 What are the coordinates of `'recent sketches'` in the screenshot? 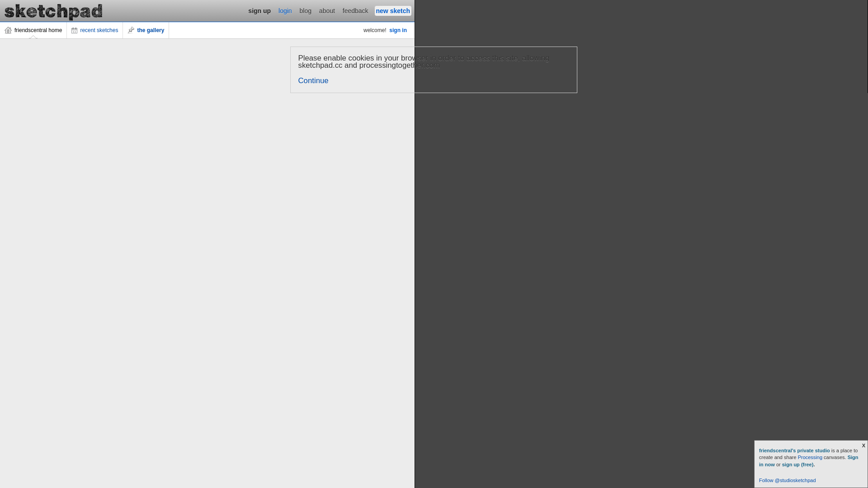 It's located at (66, 29).